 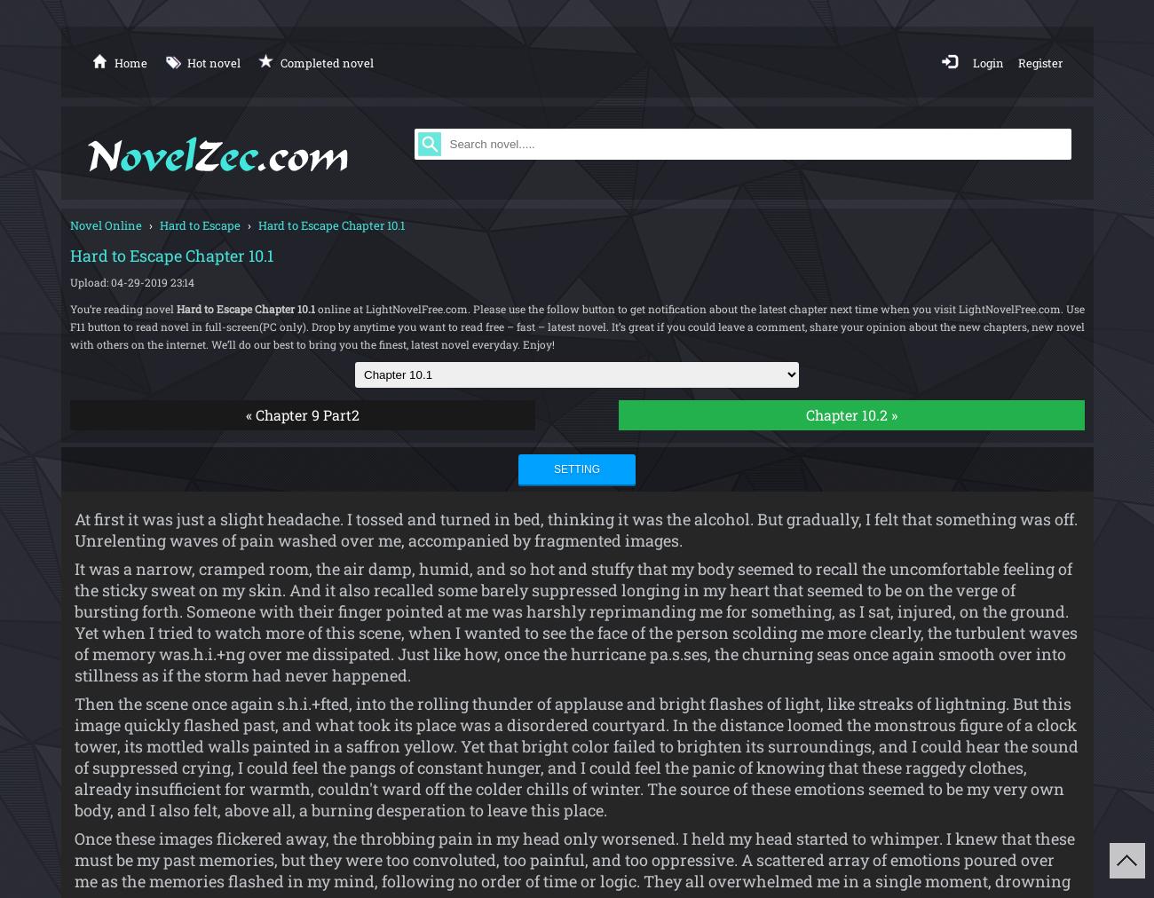 What do you see at coordinates (130, 280) in the screenshot?
I see `'Upload: 04-29-2019 23:14'` at bounding box center [130, 280].